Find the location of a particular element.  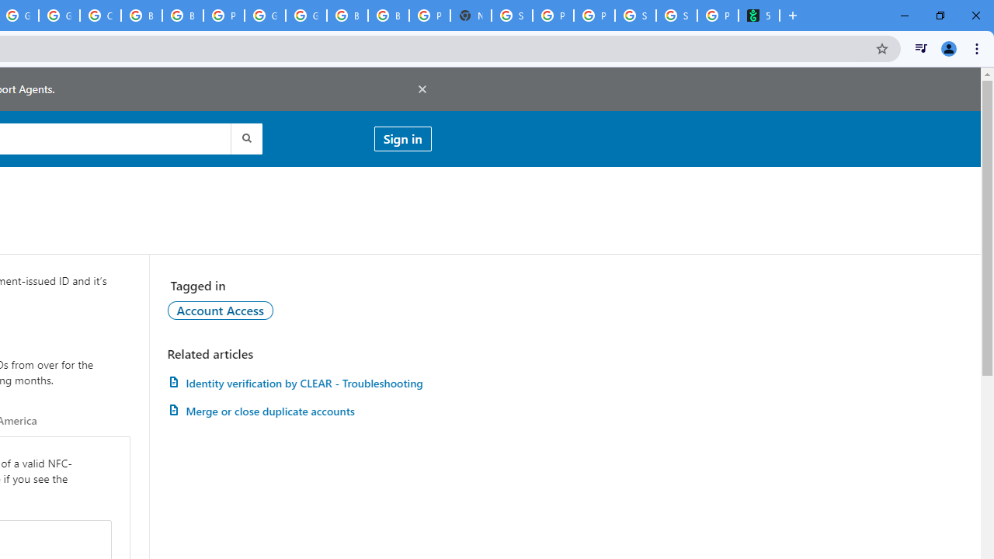

'Submit search' is located at coordinates (245, 137).